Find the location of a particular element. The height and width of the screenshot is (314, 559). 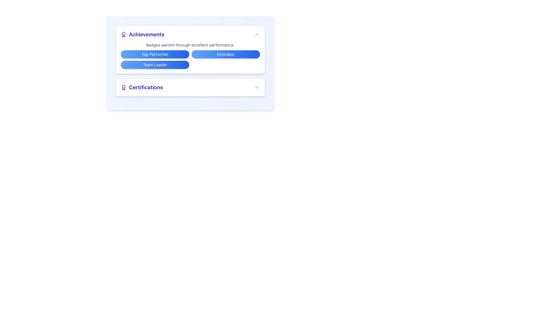

the 'Innovator' badge label located in the 'Achievements' section, positioned to the right of 'Top Performer' and above 'Team Leader' is located at coordinates (225, 54).